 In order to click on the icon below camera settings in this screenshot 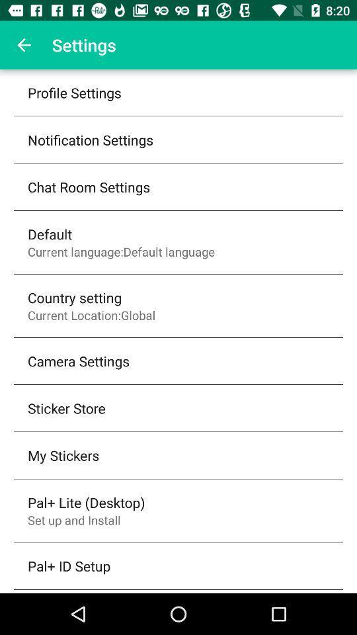, I will do `click(65, 407)`.